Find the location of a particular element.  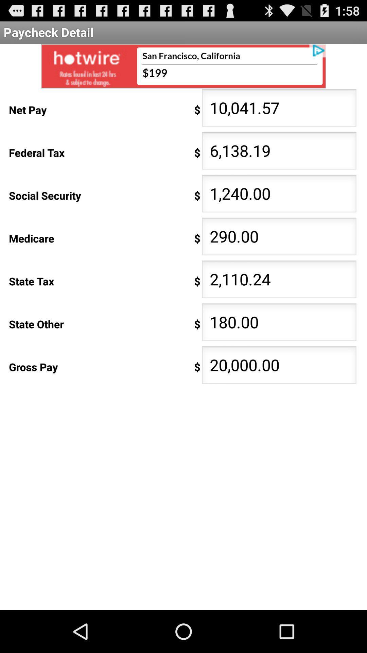

advertisement is located at coordinates (183, 66).